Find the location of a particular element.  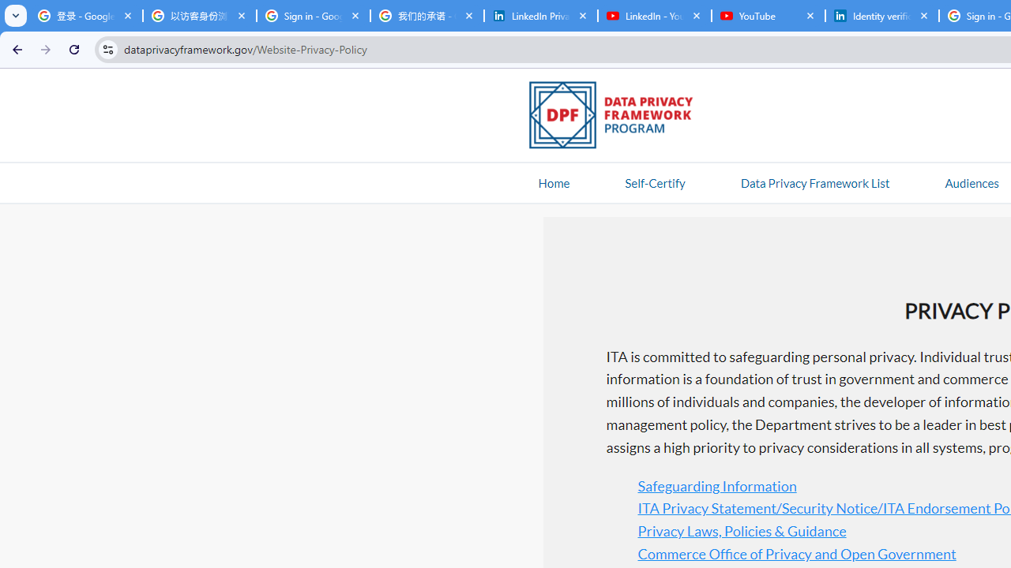

'Data Privacy Framework List' is located at coordinates (814, 181).